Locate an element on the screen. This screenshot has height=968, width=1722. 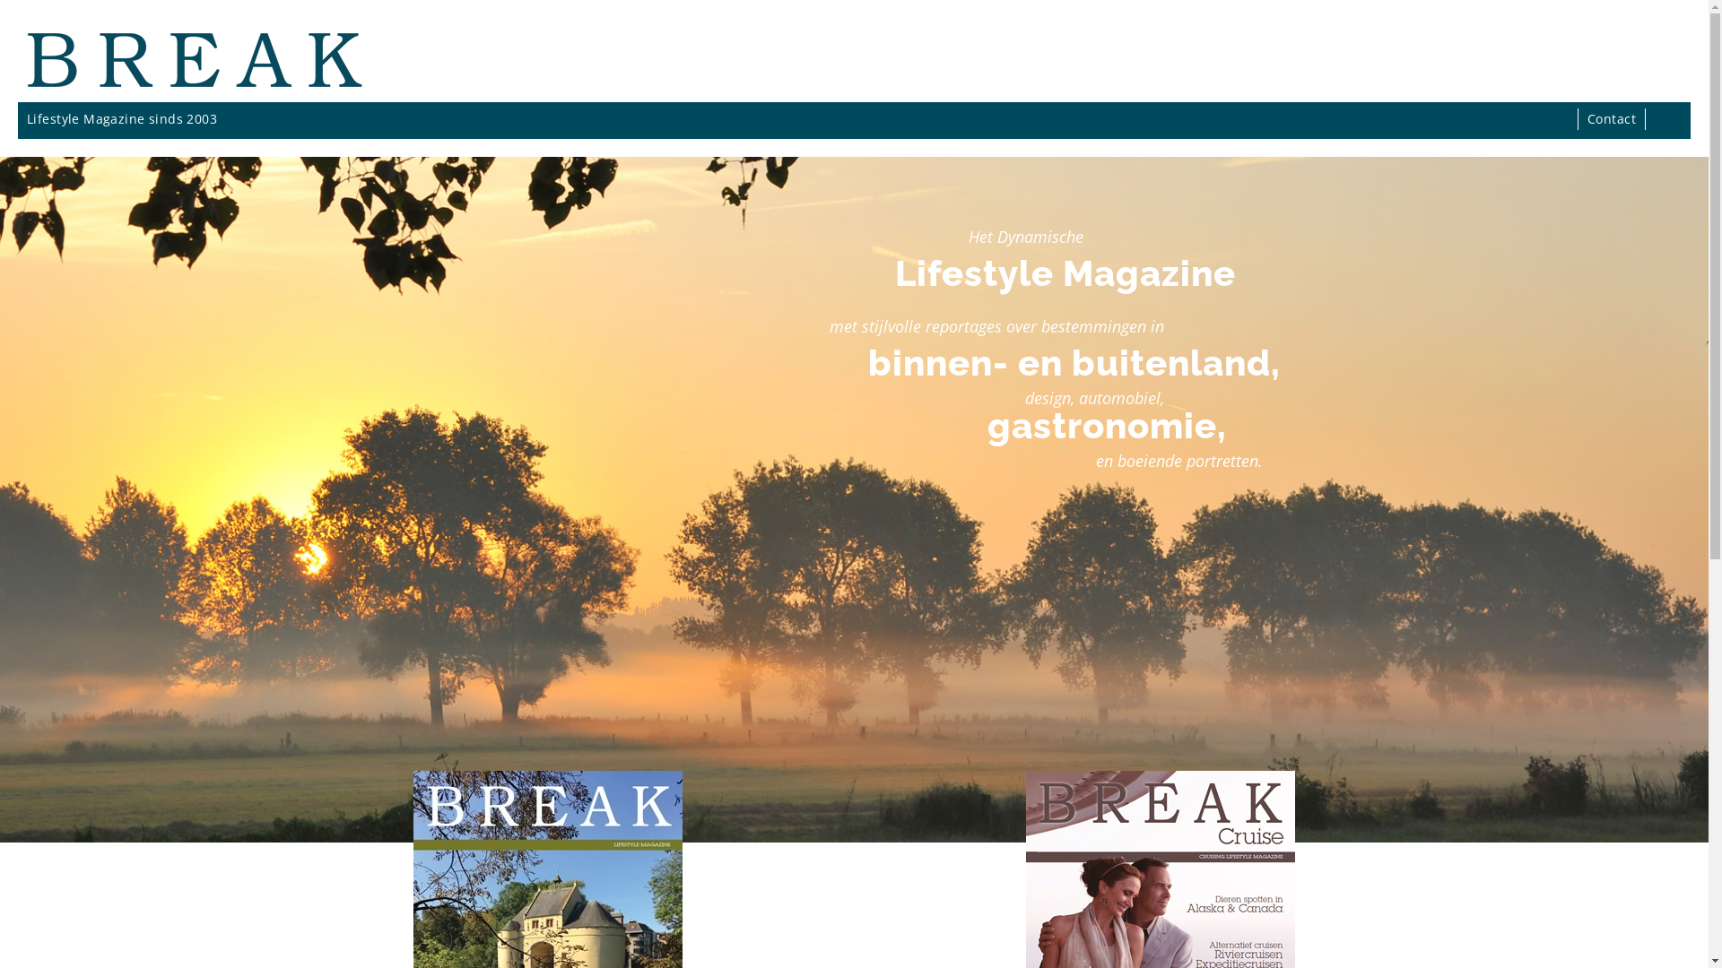
'Contact' is located at coordinates (1611, 118).